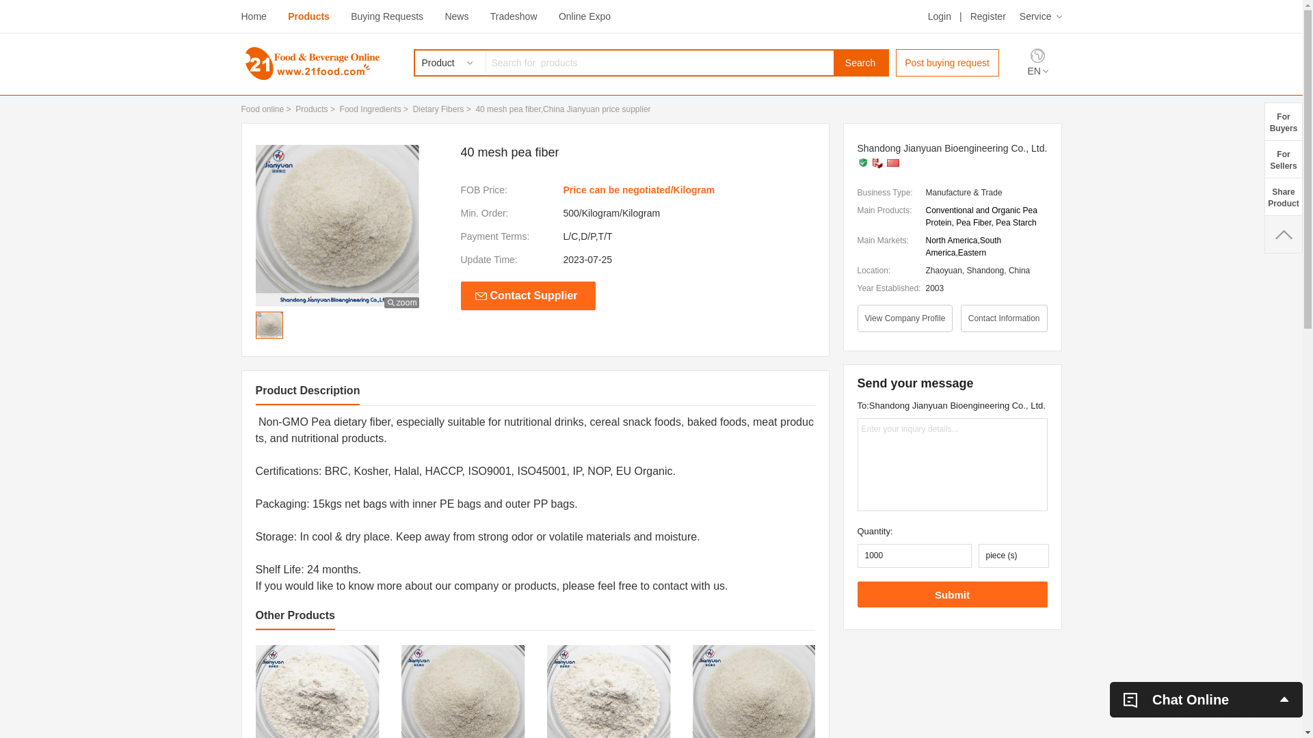  Describe the element at coordinates (1282, 158) in the screenshot. I see `'For` at that location.